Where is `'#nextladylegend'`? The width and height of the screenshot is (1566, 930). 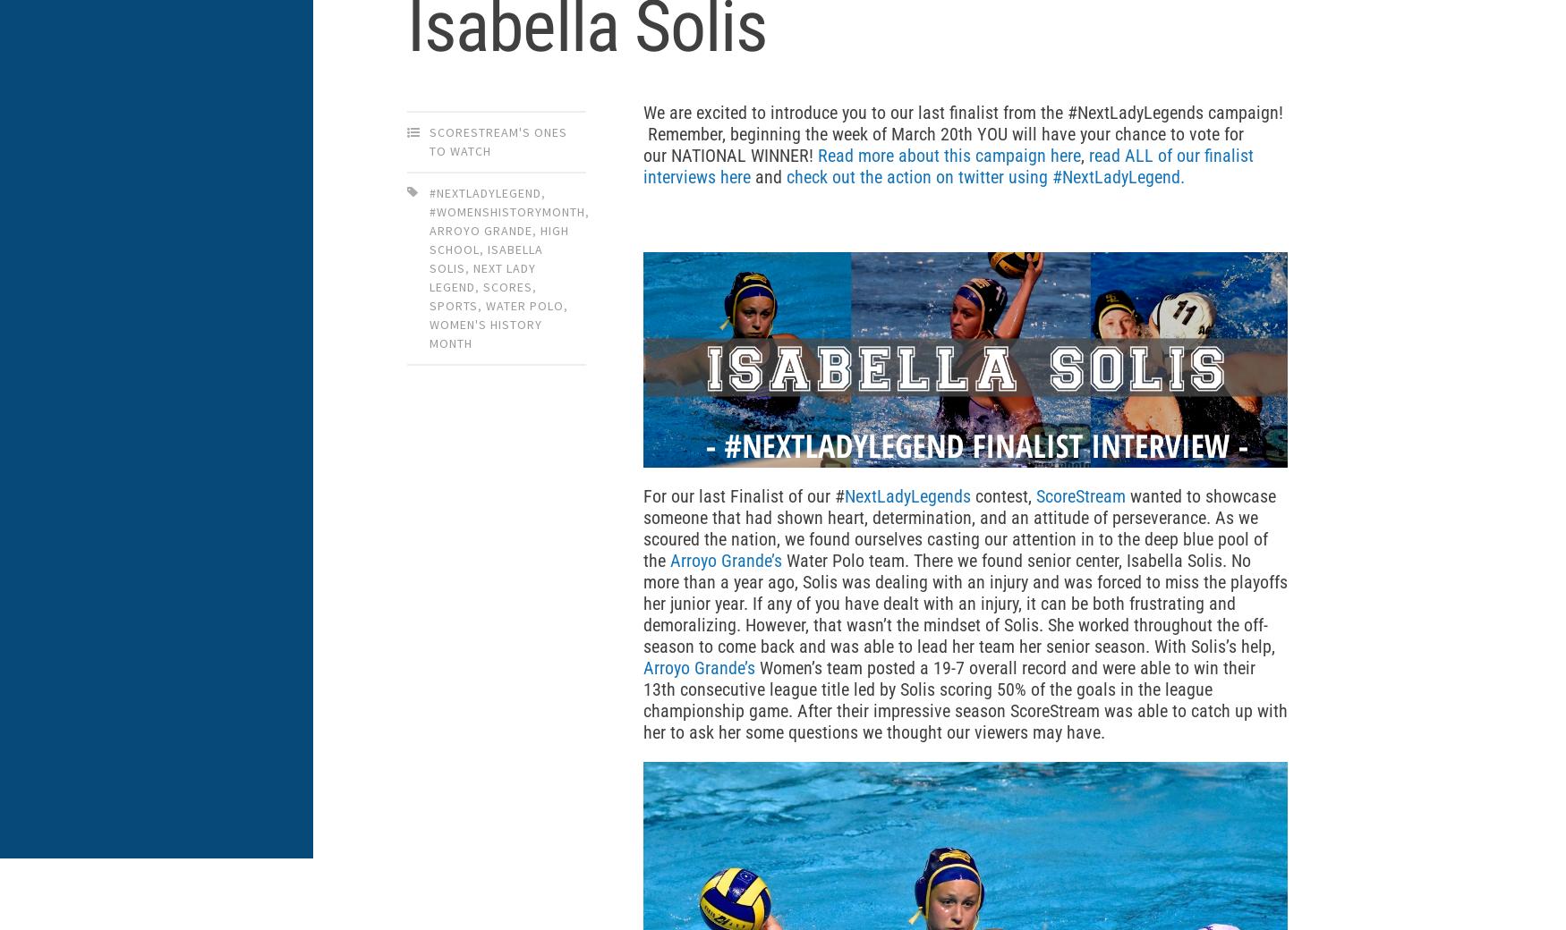
'#nextladylegend' is located at coordinates (430, 193).